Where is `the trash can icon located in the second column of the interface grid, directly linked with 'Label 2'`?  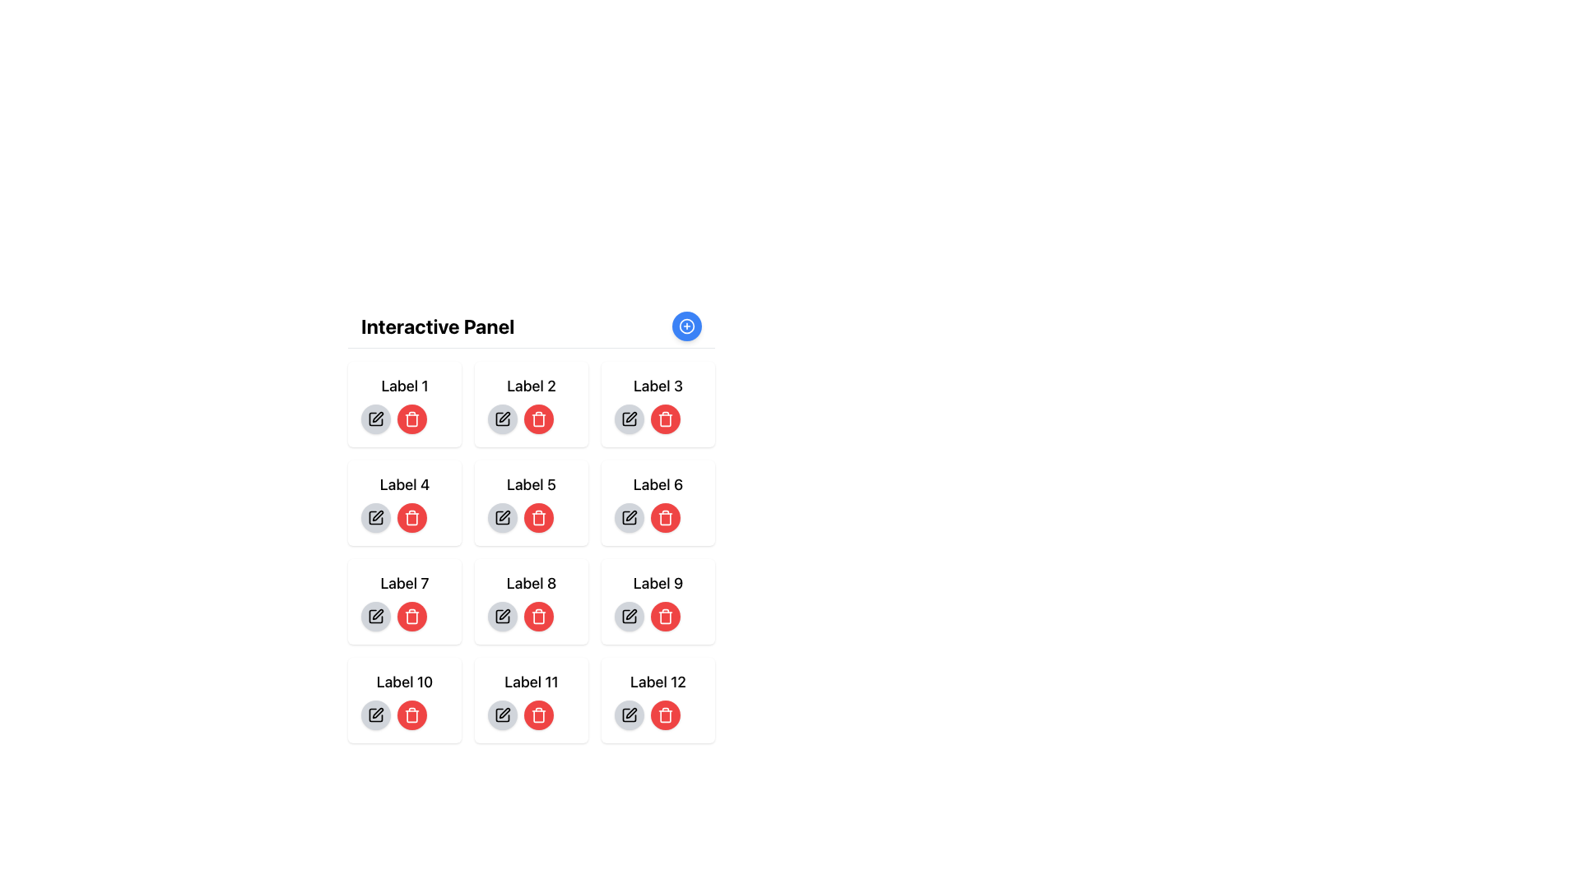 the trash can icon located in the second column of the interface grid, directly linked with 'Label 2' is located at coordinates (538, 419).